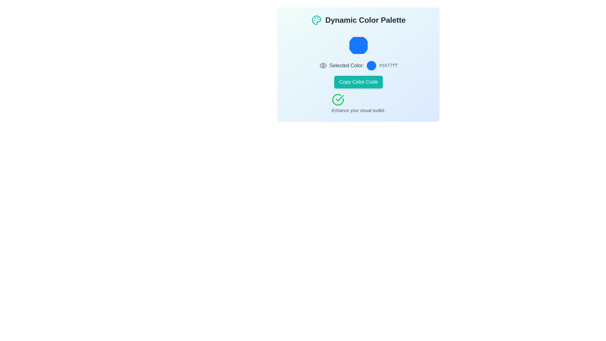 The width and height of the screenshot is (606, 341). What do you see at coordinates (359, 66) in the screenshot?
I see `the informational display section that indicates the currently selected color in the palette, which includes a circular preview and a hexadecimal color code` at bounding box center [359, 66].